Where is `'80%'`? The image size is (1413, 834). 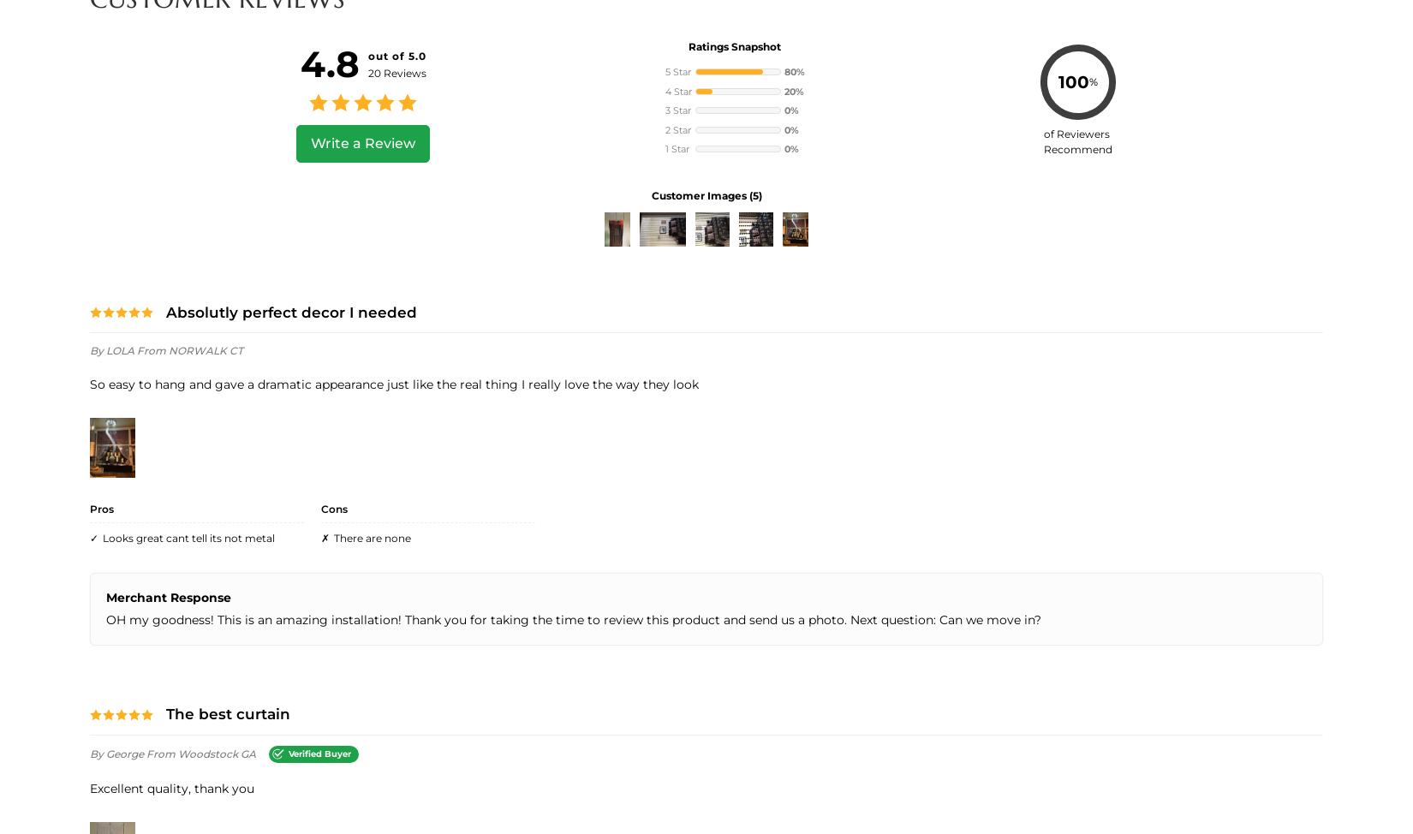 '80%' is located at coordinates (793, 70).